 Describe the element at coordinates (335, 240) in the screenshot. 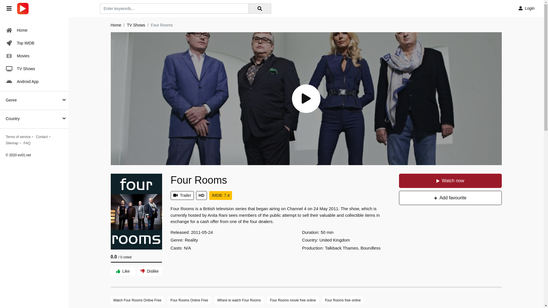

I see `'United Kingdom'` at that location.